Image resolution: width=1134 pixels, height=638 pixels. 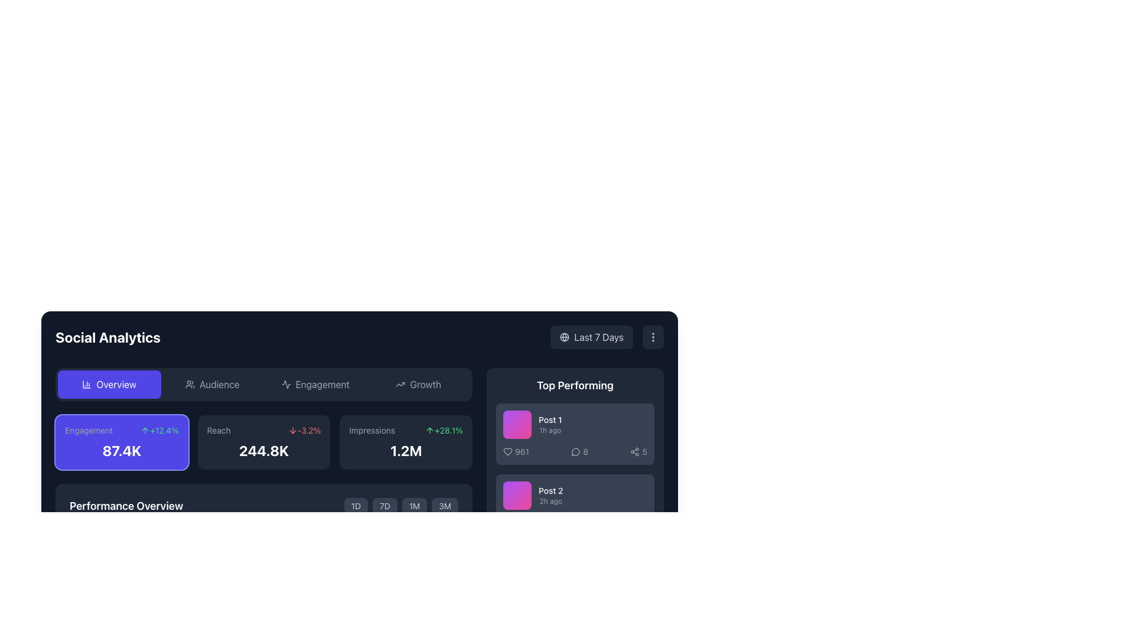 I want to click on the leftmost vertical bar of the column chart icon, which is part of an SVG graphic in the navigation or header bar, so click(x=86, y=385).